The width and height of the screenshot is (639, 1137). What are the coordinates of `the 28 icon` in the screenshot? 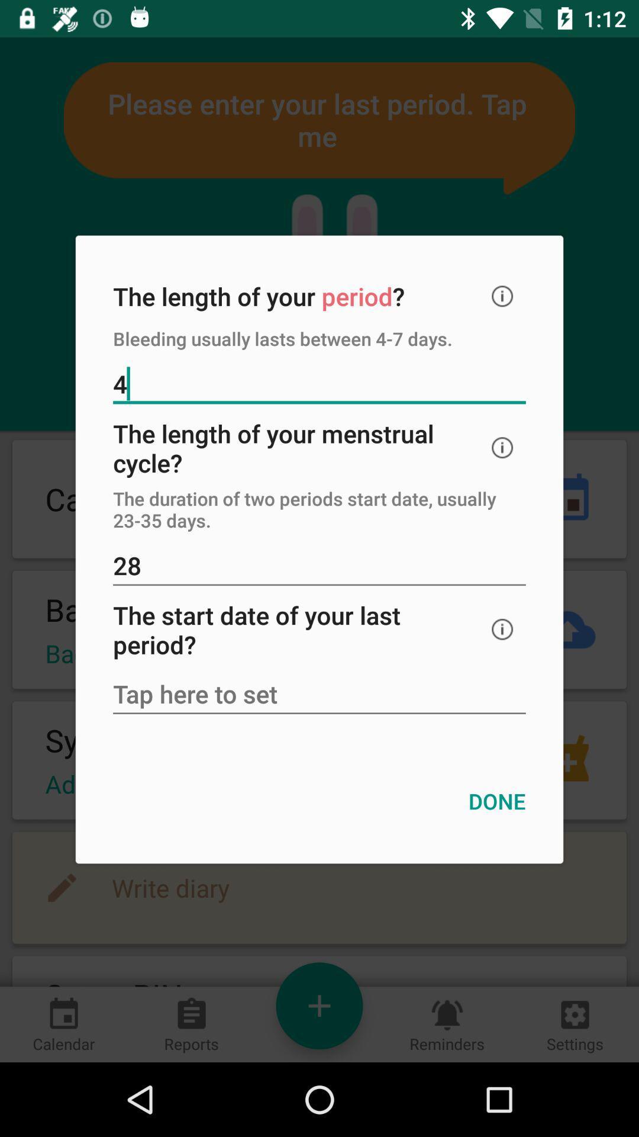 It's located at (319, 566).